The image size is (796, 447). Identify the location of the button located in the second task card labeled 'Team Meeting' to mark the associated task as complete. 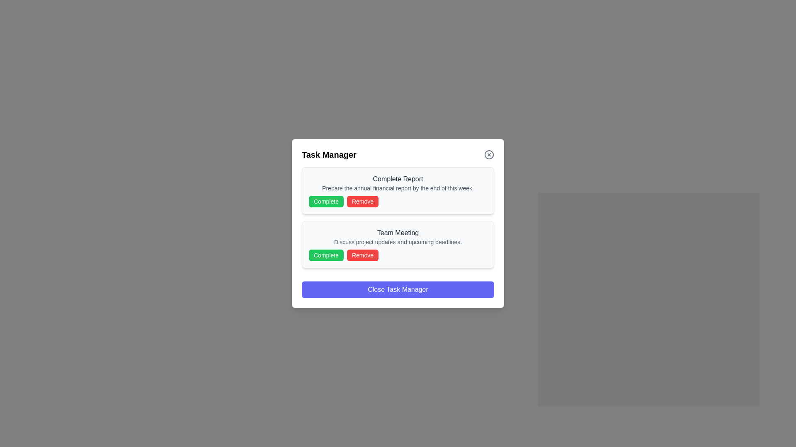
(326, 255).